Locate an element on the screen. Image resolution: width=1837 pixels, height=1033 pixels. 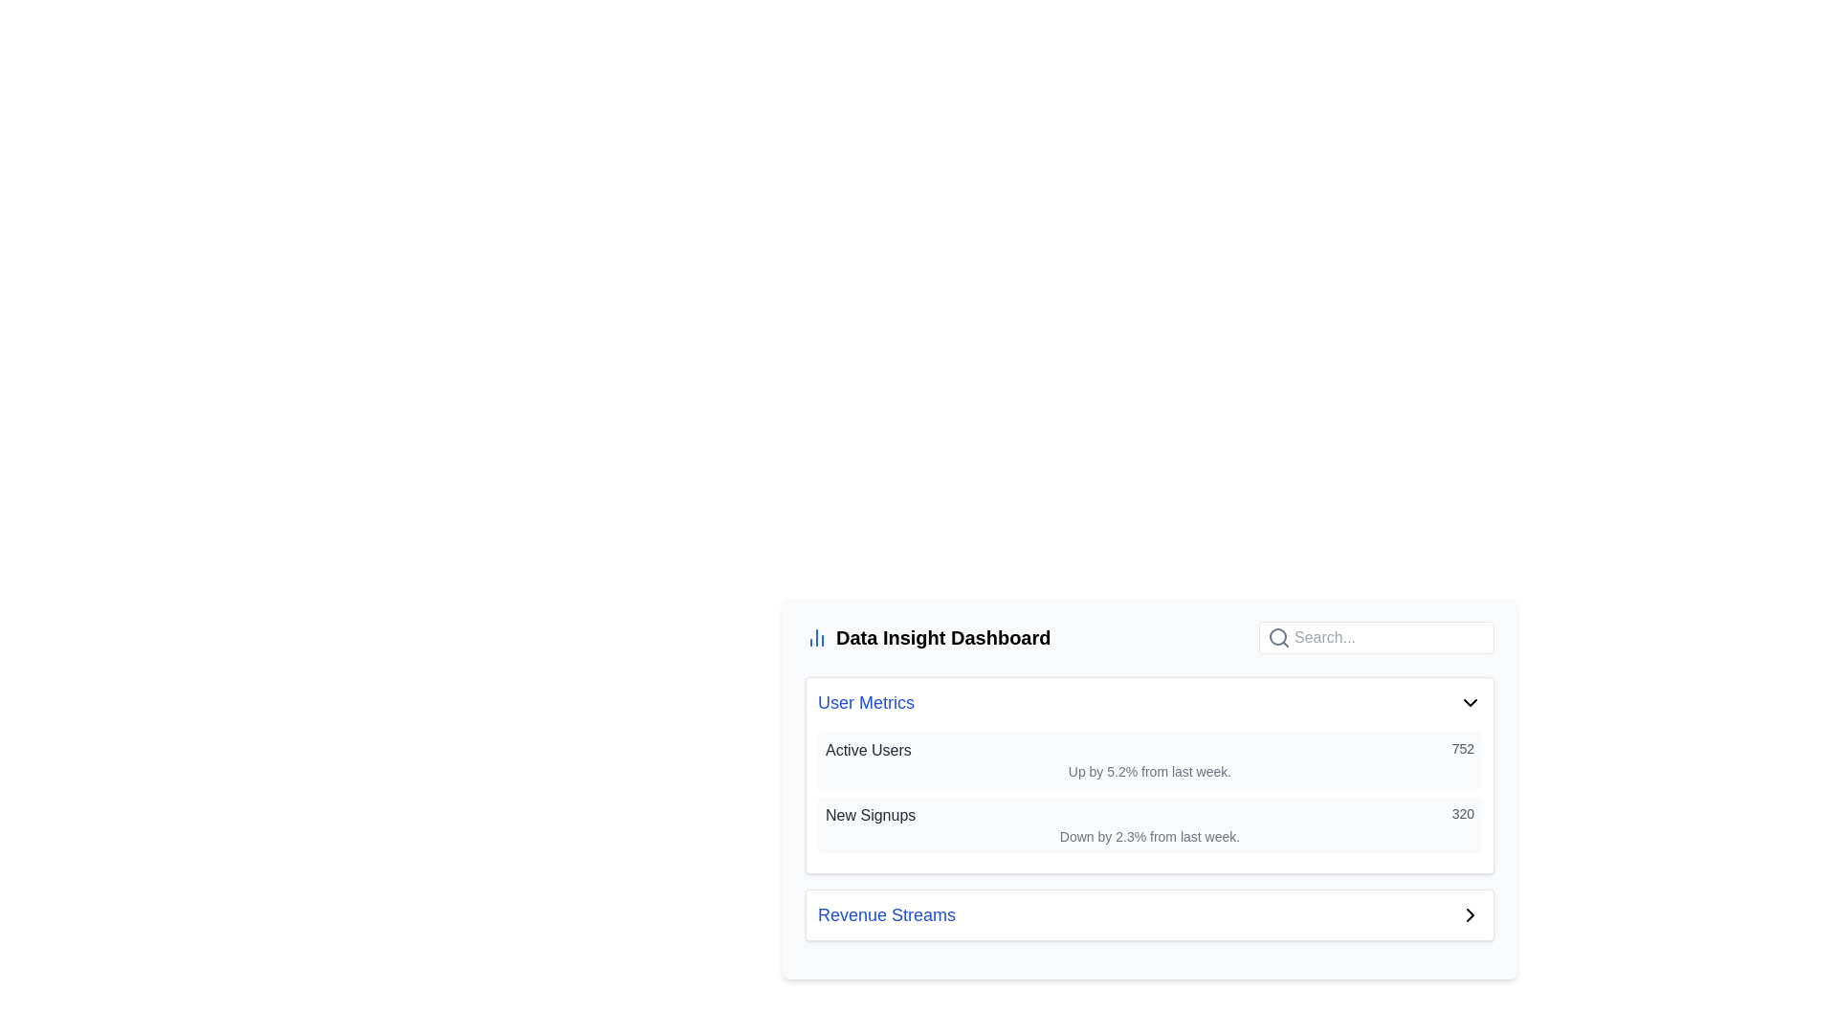
information displayed in the 'New Signups' informational block, which shows a metric of '320' and additional context about a decrease of '2.3% from last week.' is located at coordinates (1148, 824).